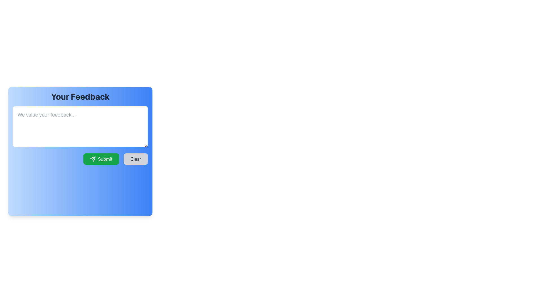 This screenshot has width=541, height=304. I want to click on the 'Submit' button located inside the green button below the feedback text input area, so click(105, 159).